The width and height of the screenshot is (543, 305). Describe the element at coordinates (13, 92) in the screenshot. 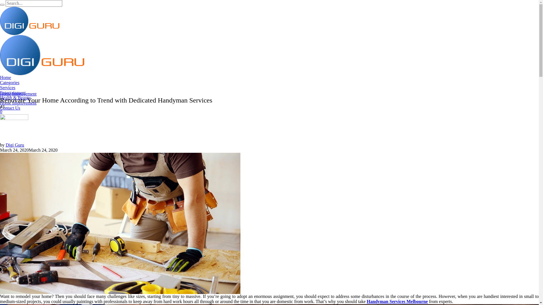

I see `'Entertainment'` at that location.